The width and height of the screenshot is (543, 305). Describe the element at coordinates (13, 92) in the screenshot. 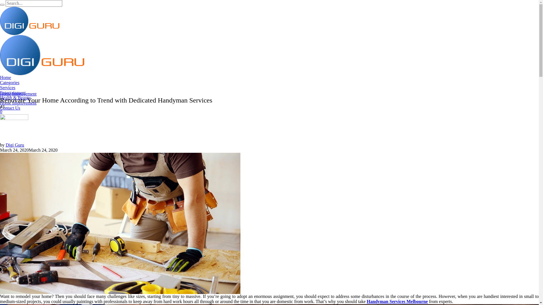

I see `'Entertainment'` at that location.